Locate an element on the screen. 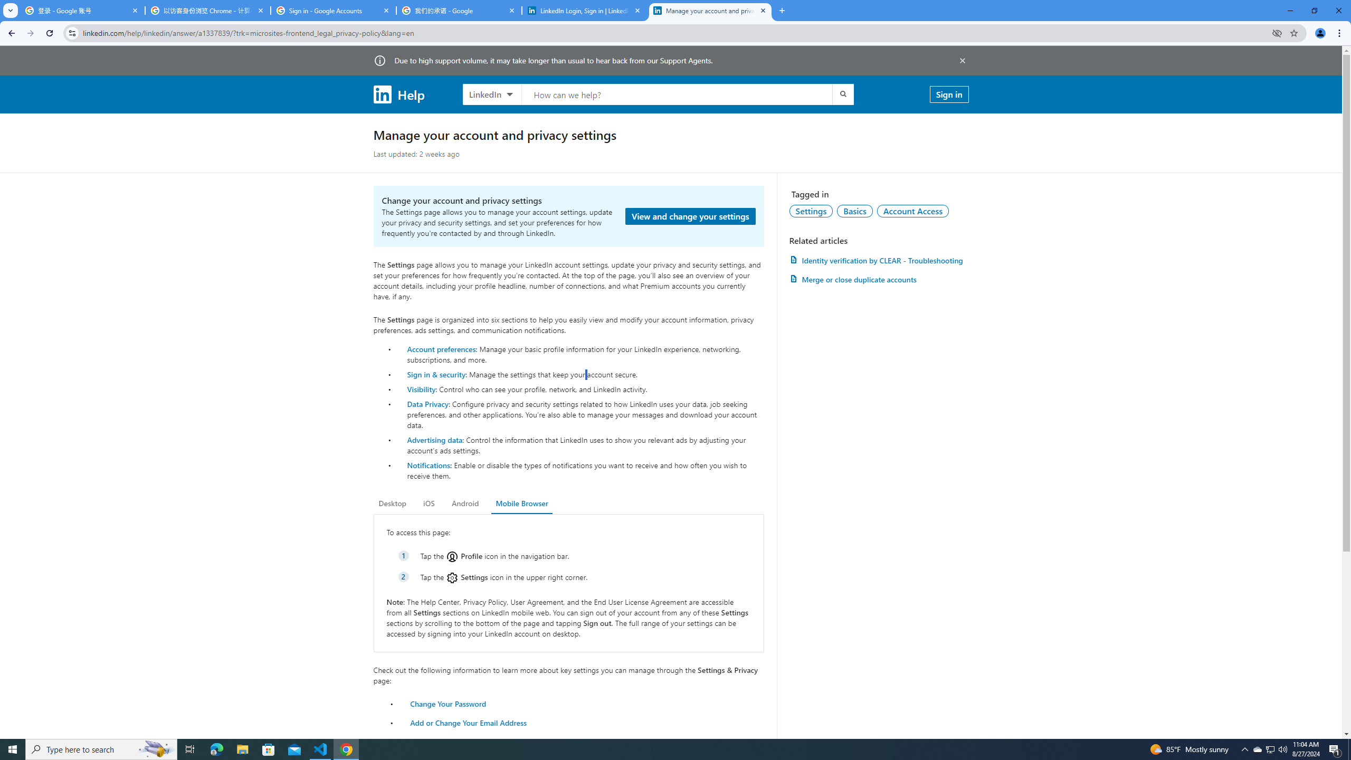 The image size is (1351, 760). 'Mobile Browser' is located at coordinates (521, 503).